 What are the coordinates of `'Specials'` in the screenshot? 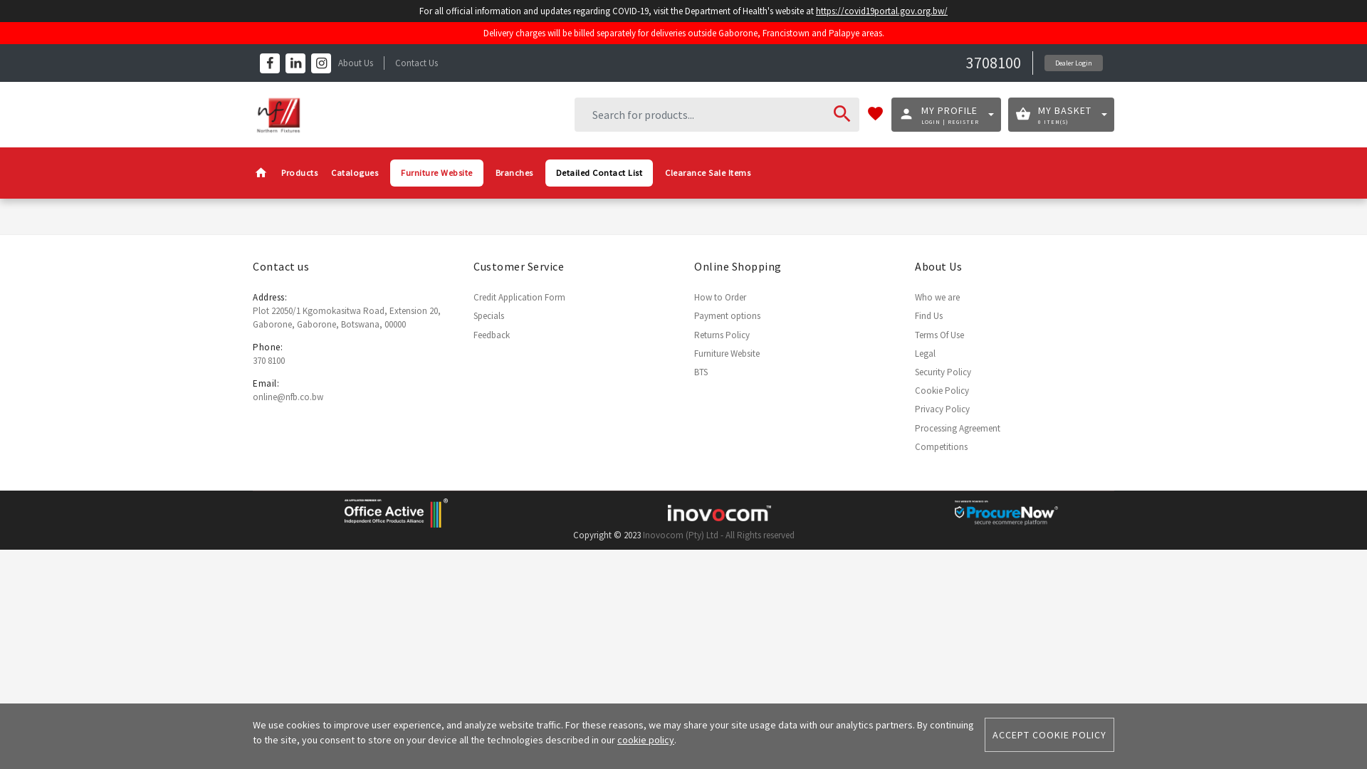 It's located at (488, 315).